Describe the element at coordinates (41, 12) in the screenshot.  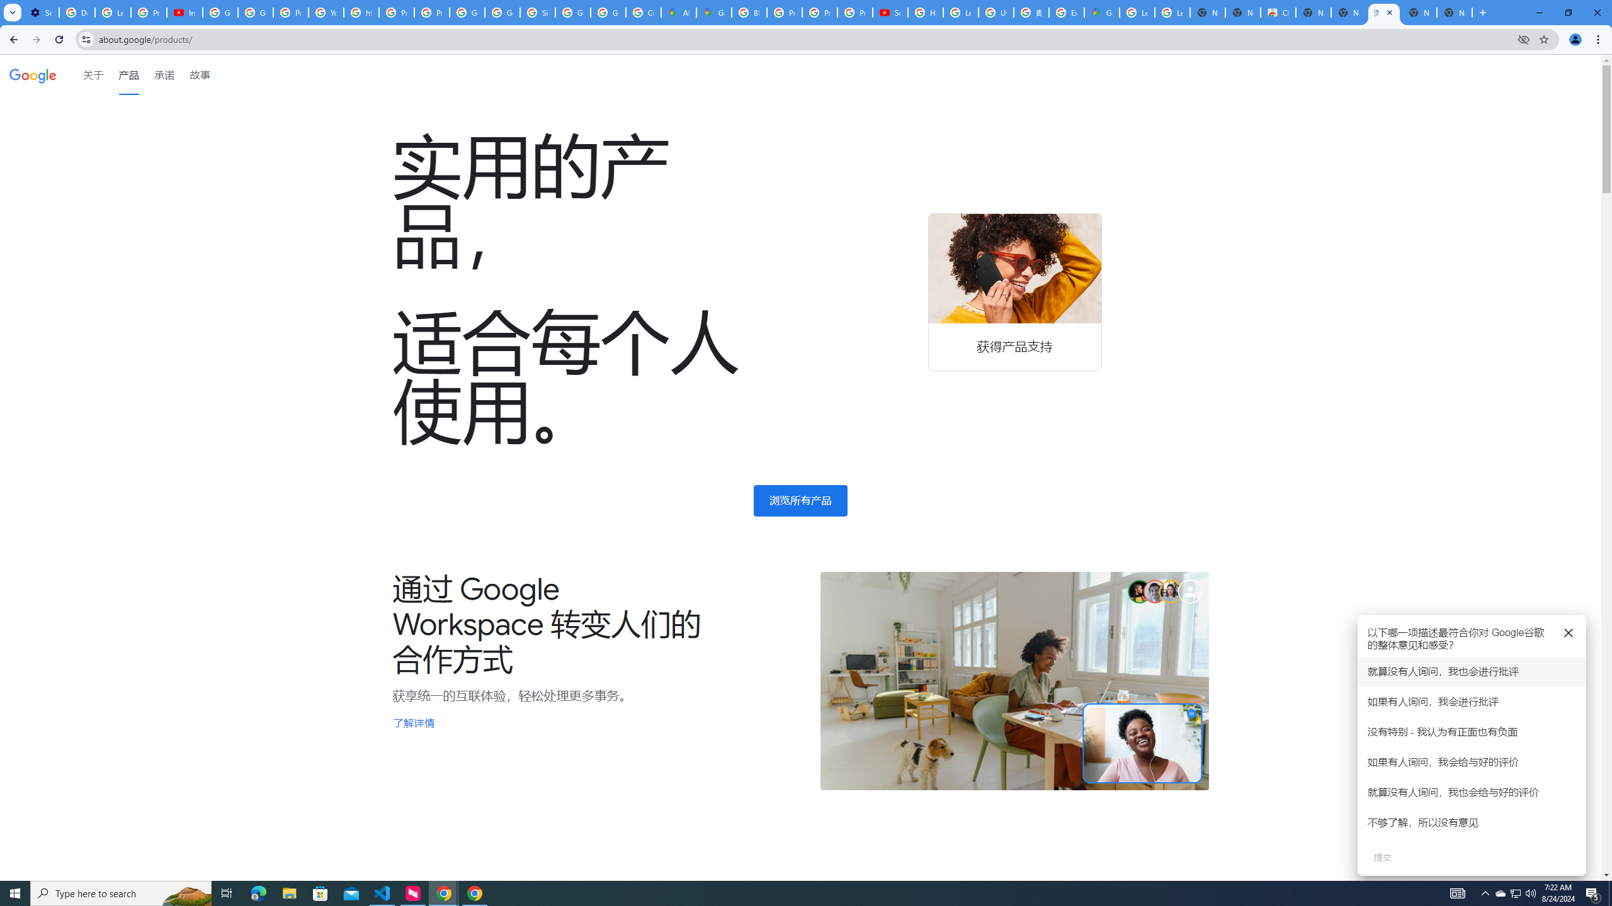
I see `'Settings - Customize profile'` at that location.